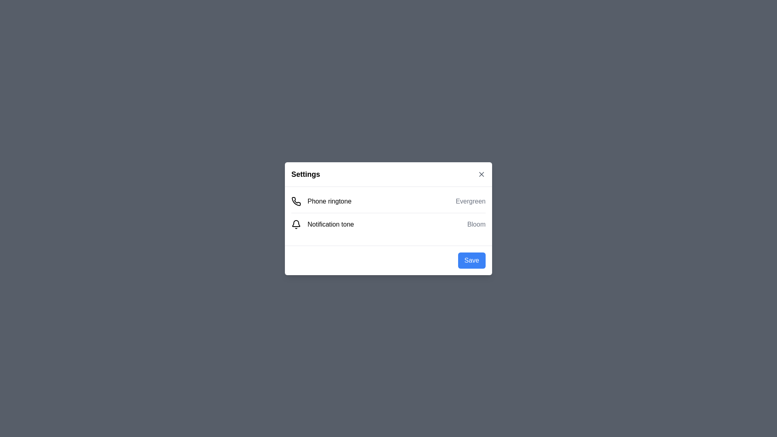 The image size is (777, 437). I want to click on the save button located at the bottom-right corner of the modal dialog to observe any hover effects, so click(471, 260).